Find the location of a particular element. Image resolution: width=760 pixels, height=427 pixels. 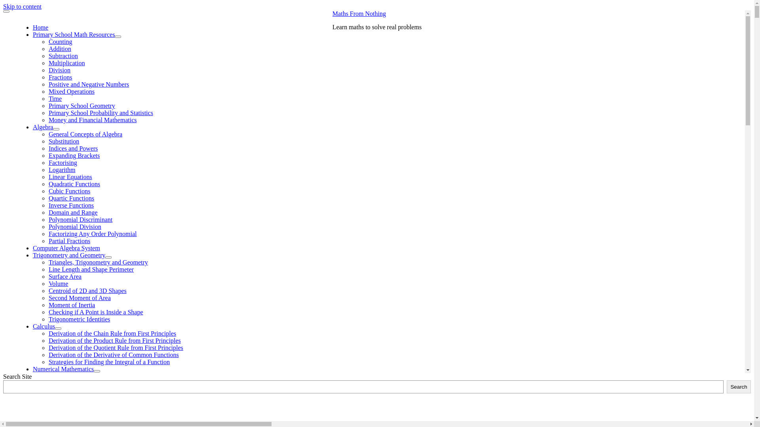

'Money and Financial Mathematics' is located at coordinates (48, 120).